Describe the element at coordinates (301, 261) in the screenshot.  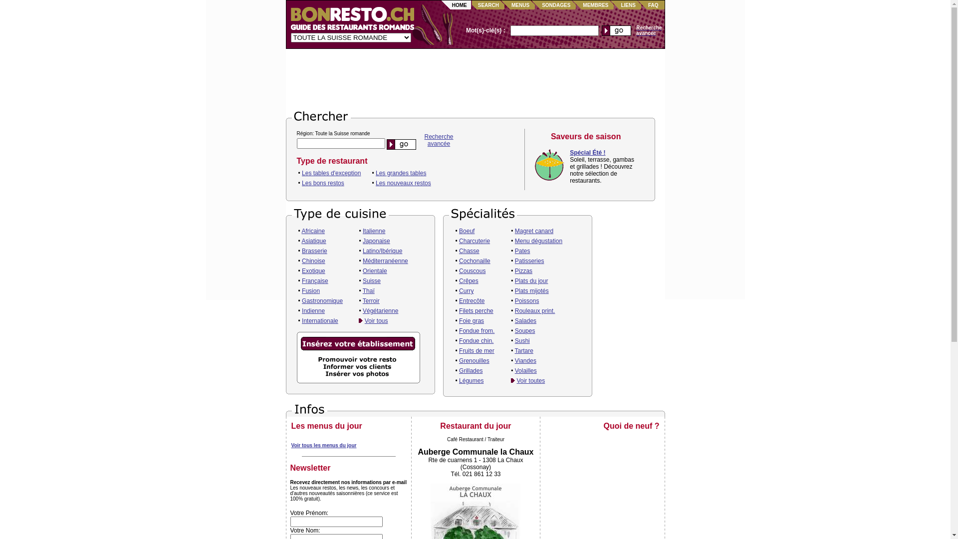
I see `'Chinoise'` at that location.